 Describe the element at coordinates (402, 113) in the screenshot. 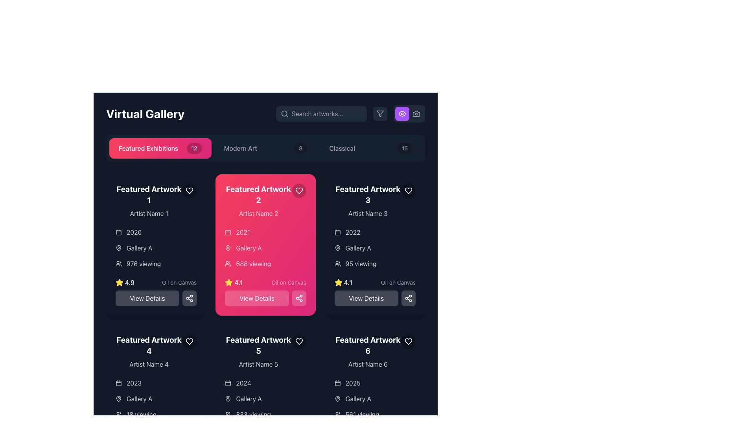

I see `the toggle button located in the top-right corner of the interface` at that location.